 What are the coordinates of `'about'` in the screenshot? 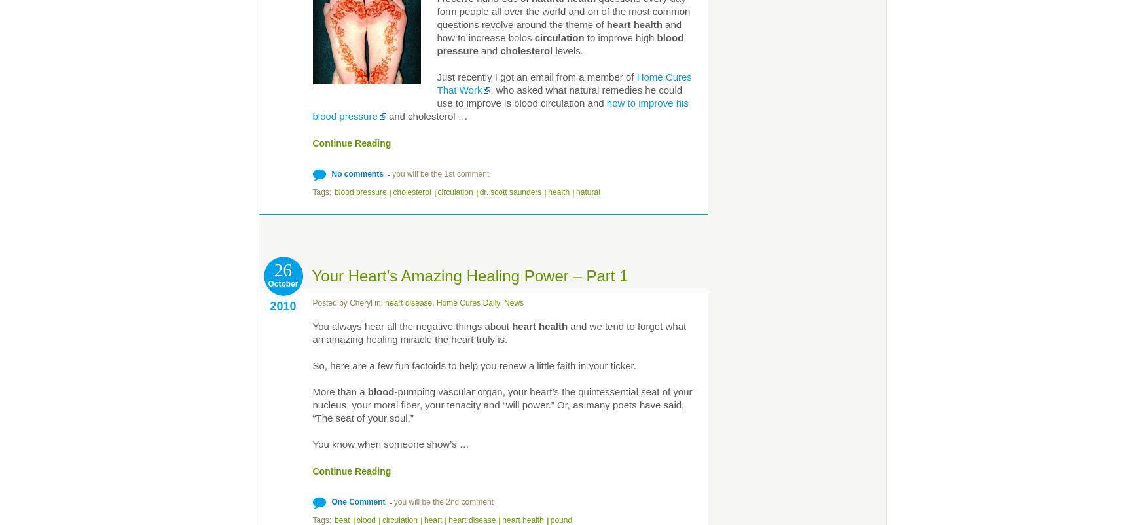 It's located at (497, 326).